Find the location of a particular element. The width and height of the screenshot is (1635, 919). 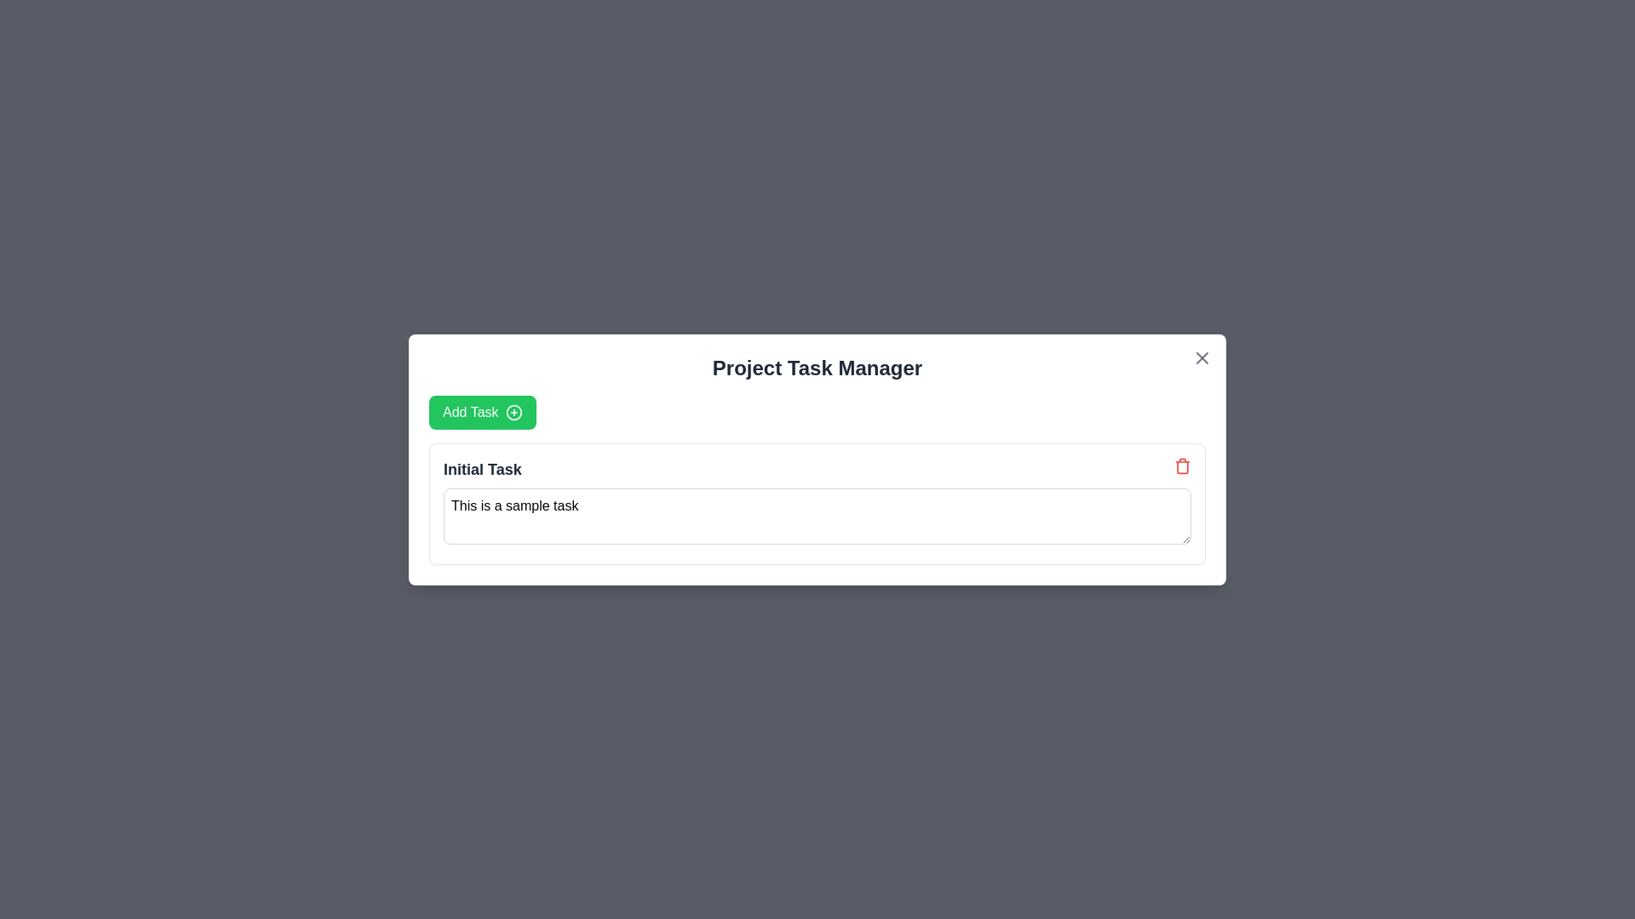

the 'Add Task' button located in the 'Project Task Manager' modal, positioned beneath the title and above 'Initial Task', to initiate adding a task is located at coordinates (481, 412).